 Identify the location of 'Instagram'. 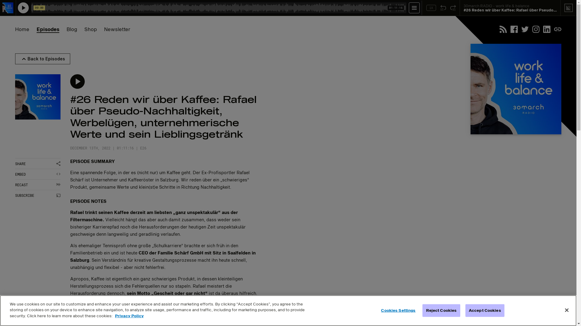
(536, 29).